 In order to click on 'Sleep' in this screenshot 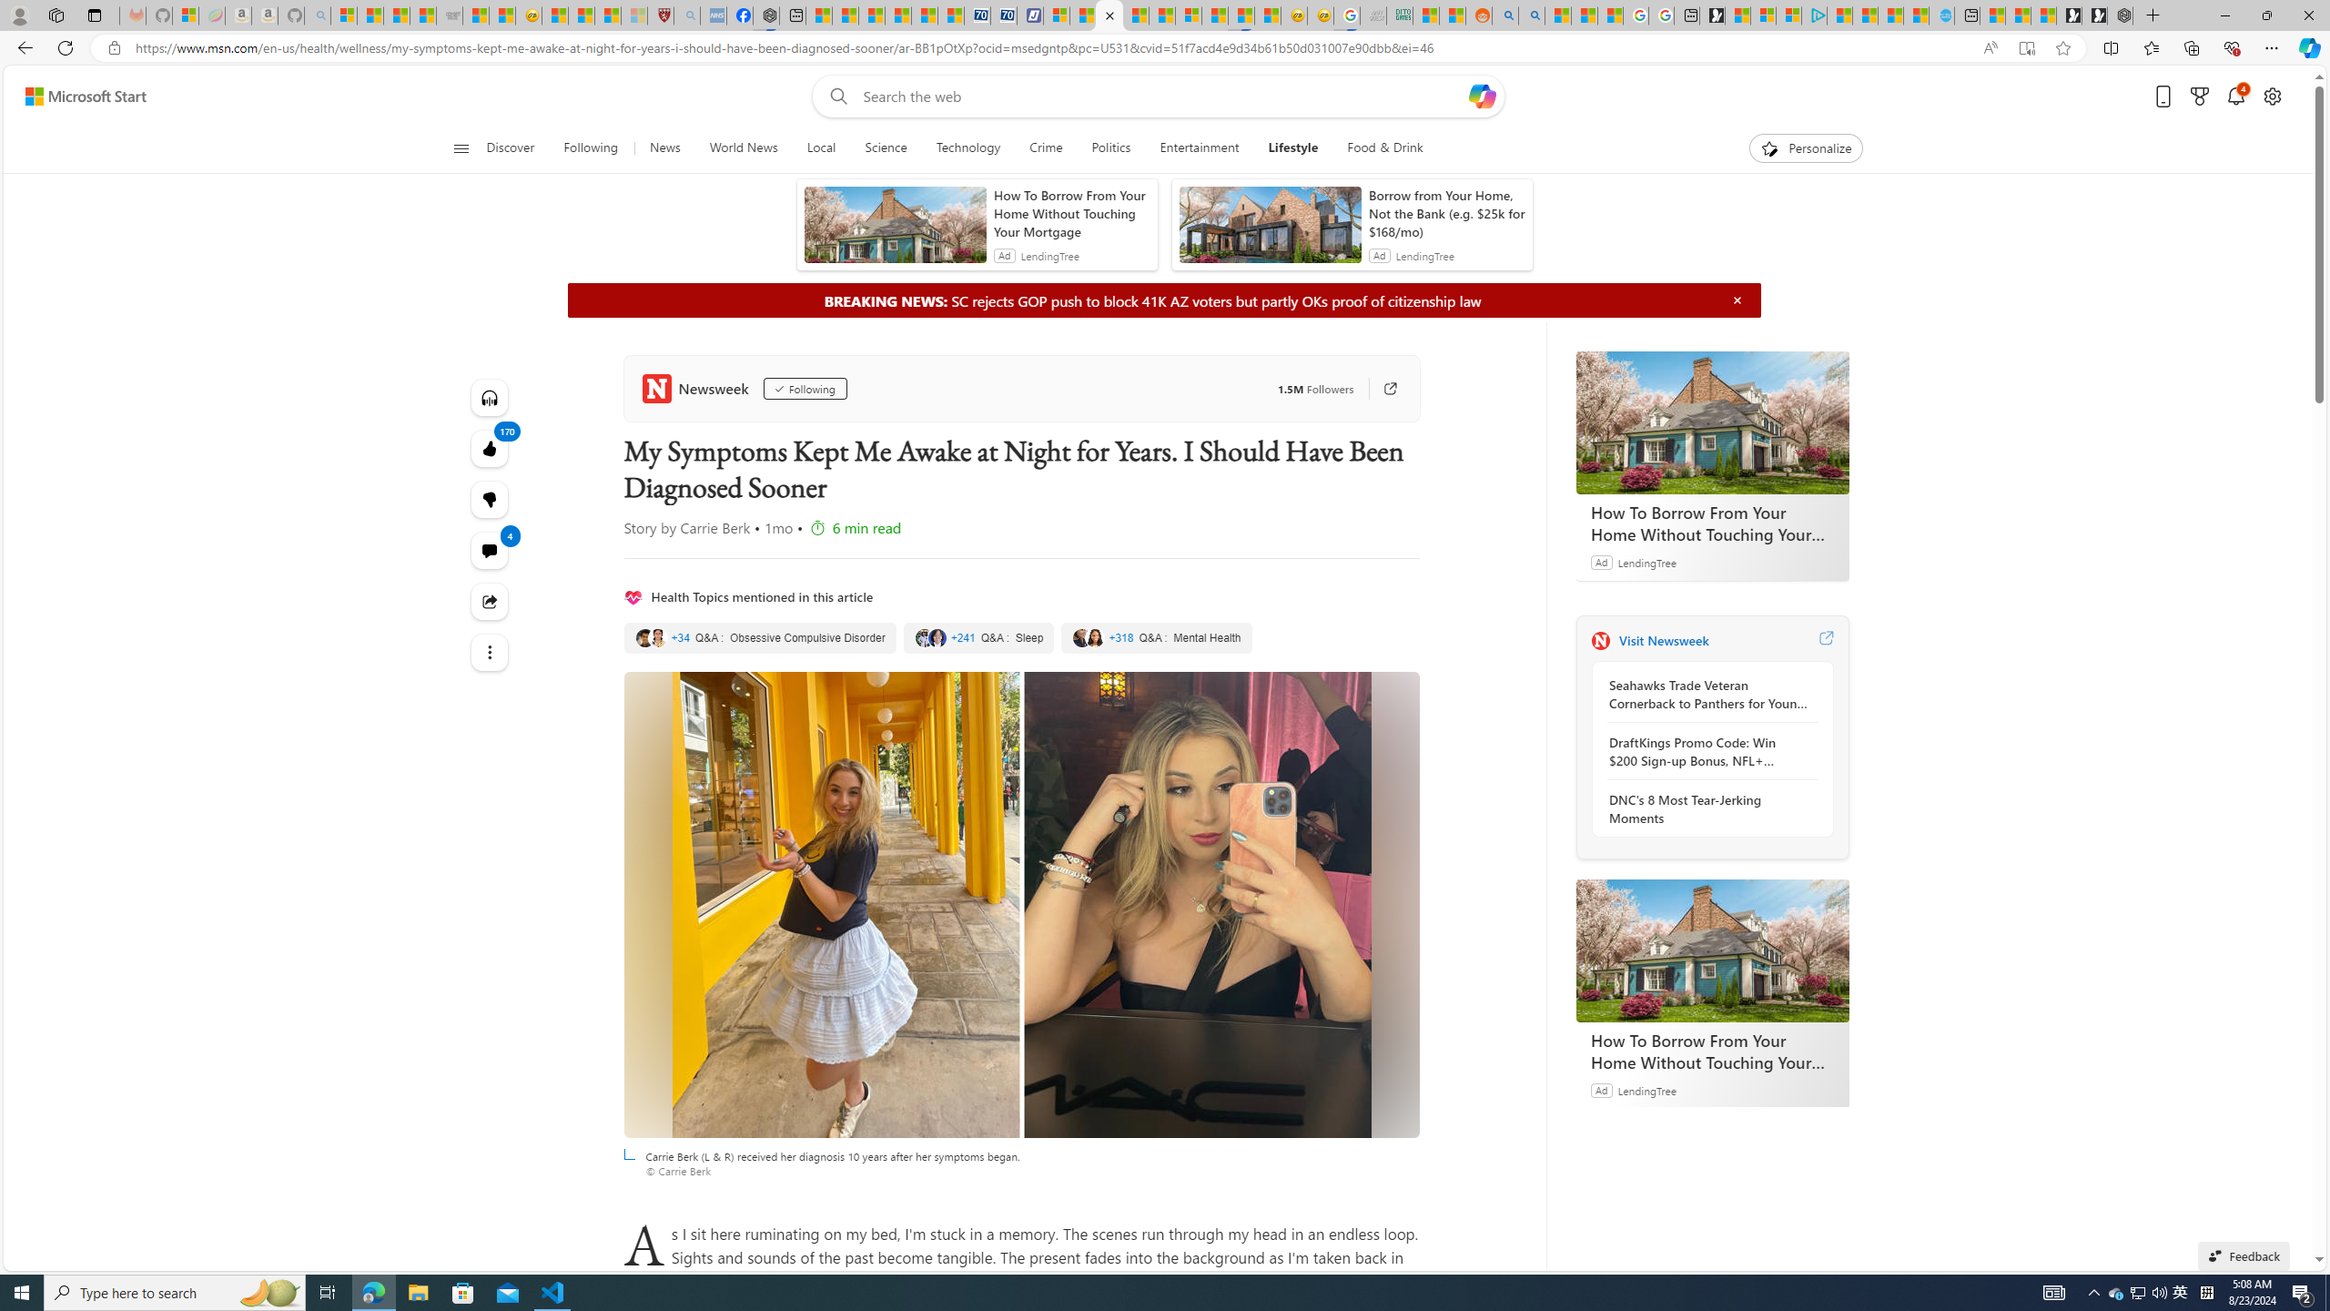, I will do `click(979, 637)`.